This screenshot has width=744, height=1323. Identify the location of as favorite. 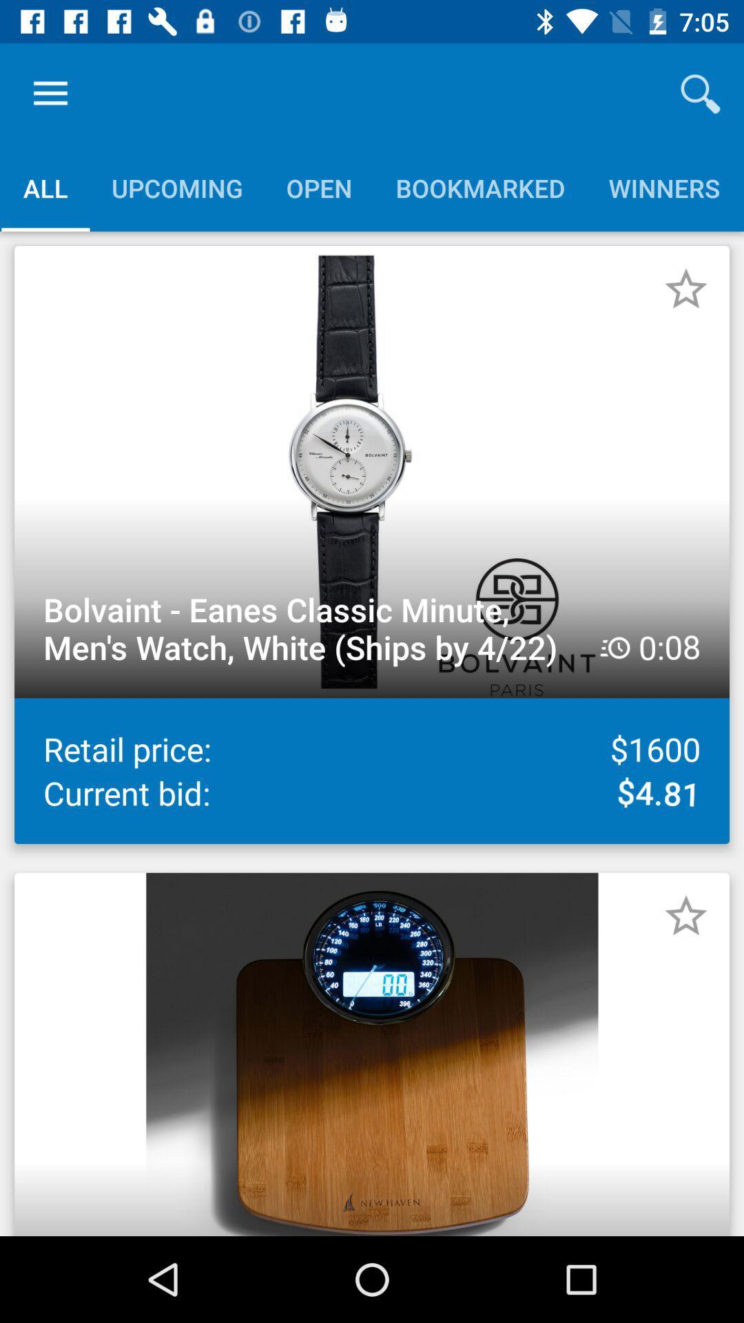
(685, 916).